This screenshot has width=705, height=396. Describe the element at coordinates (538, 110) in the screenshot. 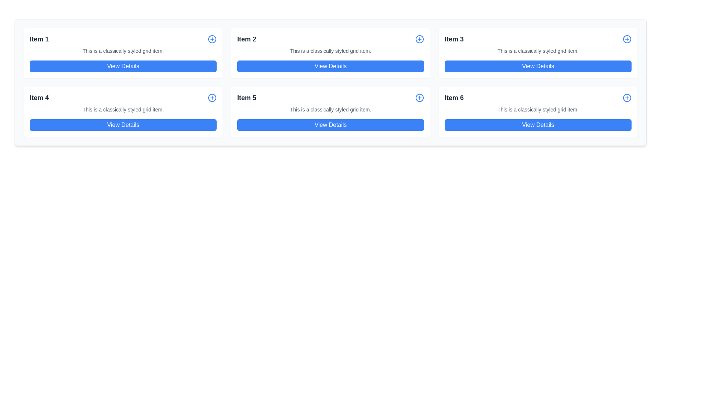

I see `the static text element that contains the text 'This is a classically styled grid item.' which is styled with a small font size and gray color, located below the 'Item 6' title and above the 'View Details' button` at that location.